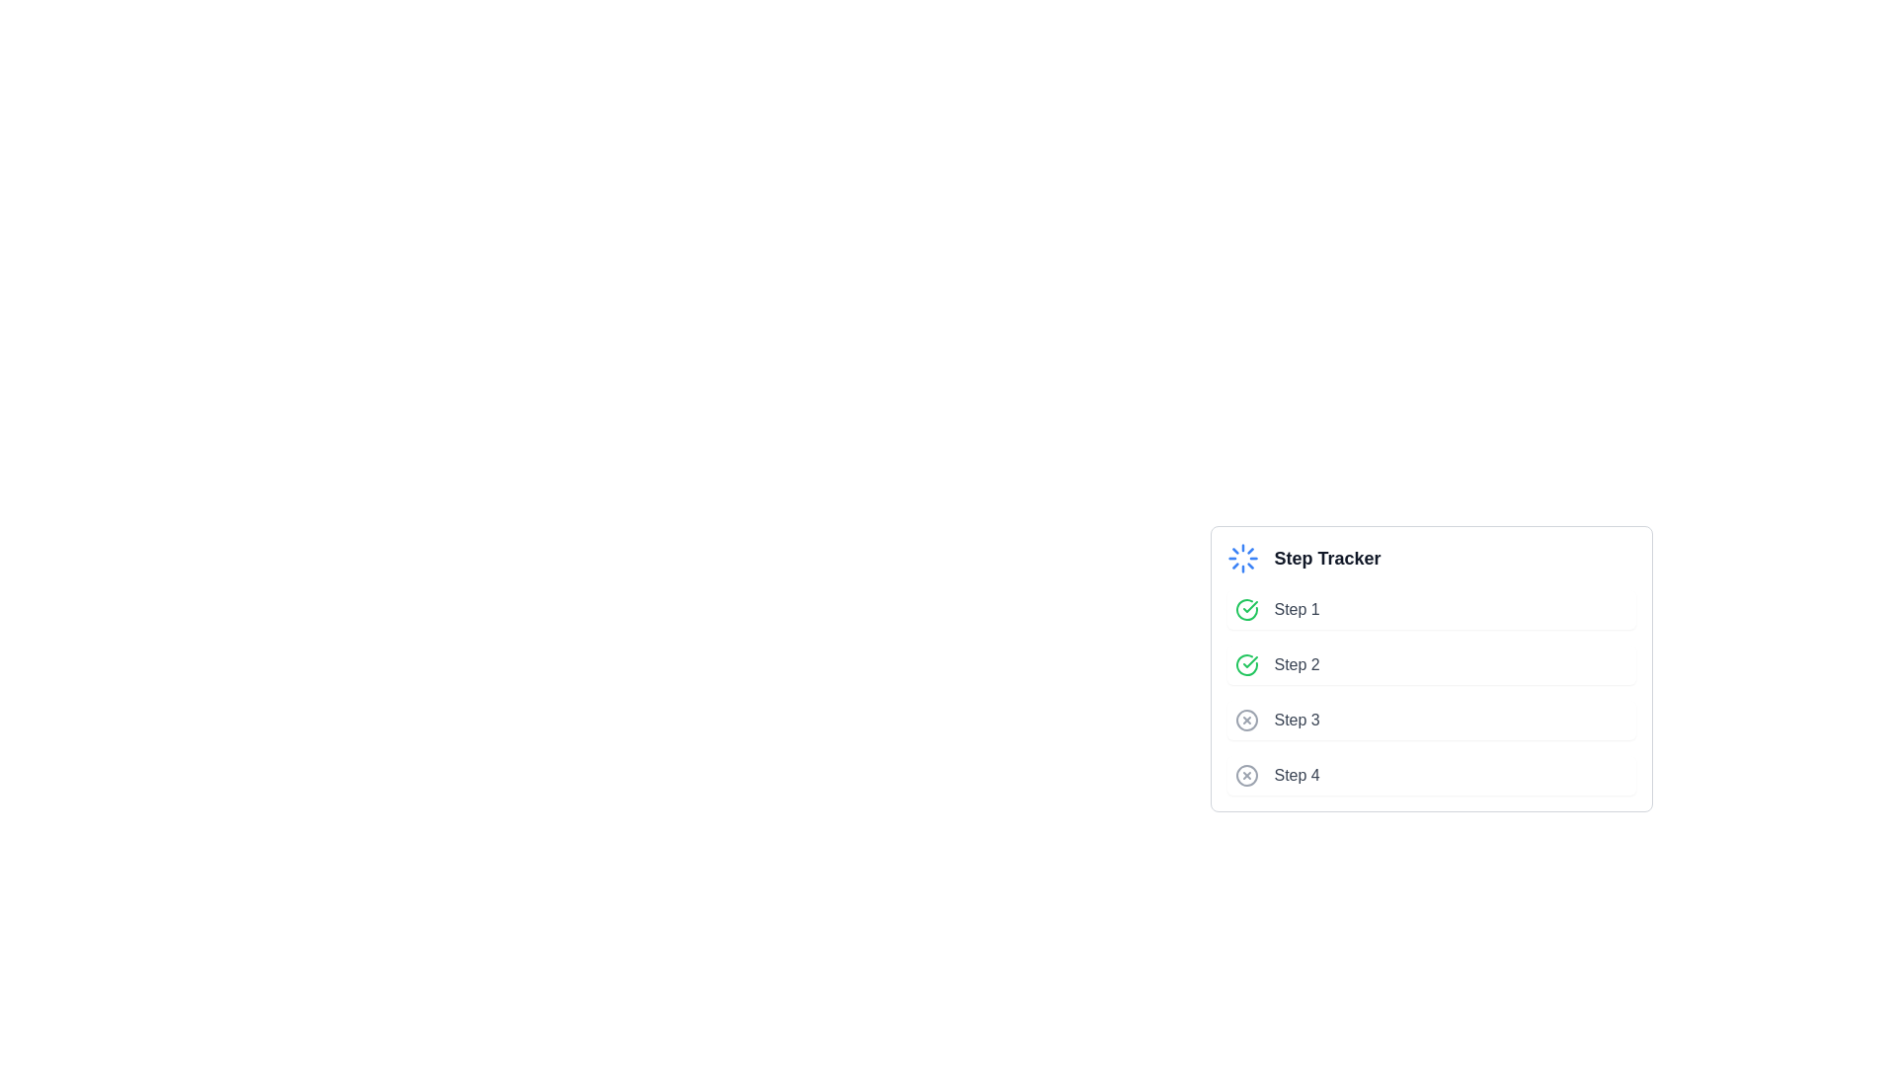 This screenshot has height=1066, width=1896. Describe the element at coordinates (1245, 775) in the screenshot. I see `the circular icon with a gray border and an 'X' mark indicating an error, located in the bottom right corner of the 'Step Tracker' section, adjacent to 'Step 4'` at that location.